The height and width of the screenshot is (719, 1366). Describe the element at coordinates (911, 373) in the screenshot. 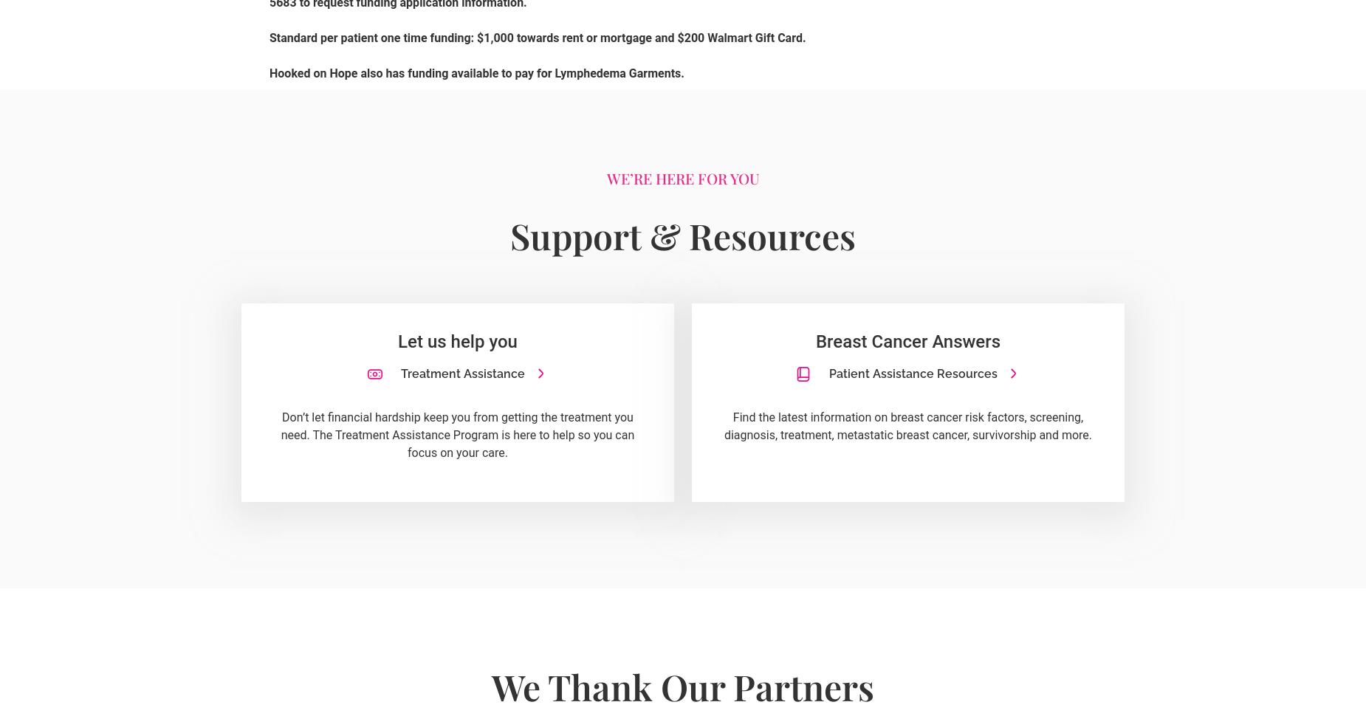

I see `'Patient Assistance Resources'` at that location.